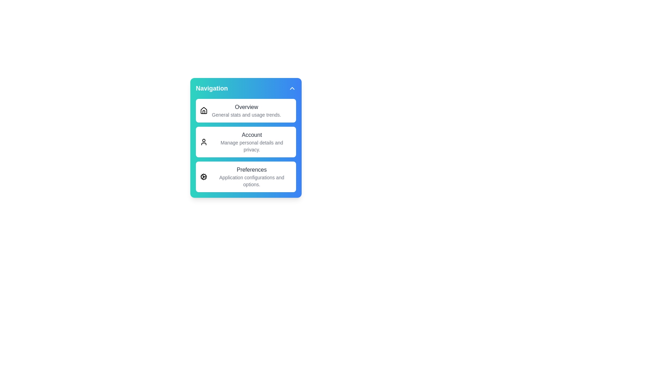 The width and height of the screenshot is (668, 376). Describe the element at coordinates (246, 110) in the screenshot. I see `the menu item labeled Overview` at that location.